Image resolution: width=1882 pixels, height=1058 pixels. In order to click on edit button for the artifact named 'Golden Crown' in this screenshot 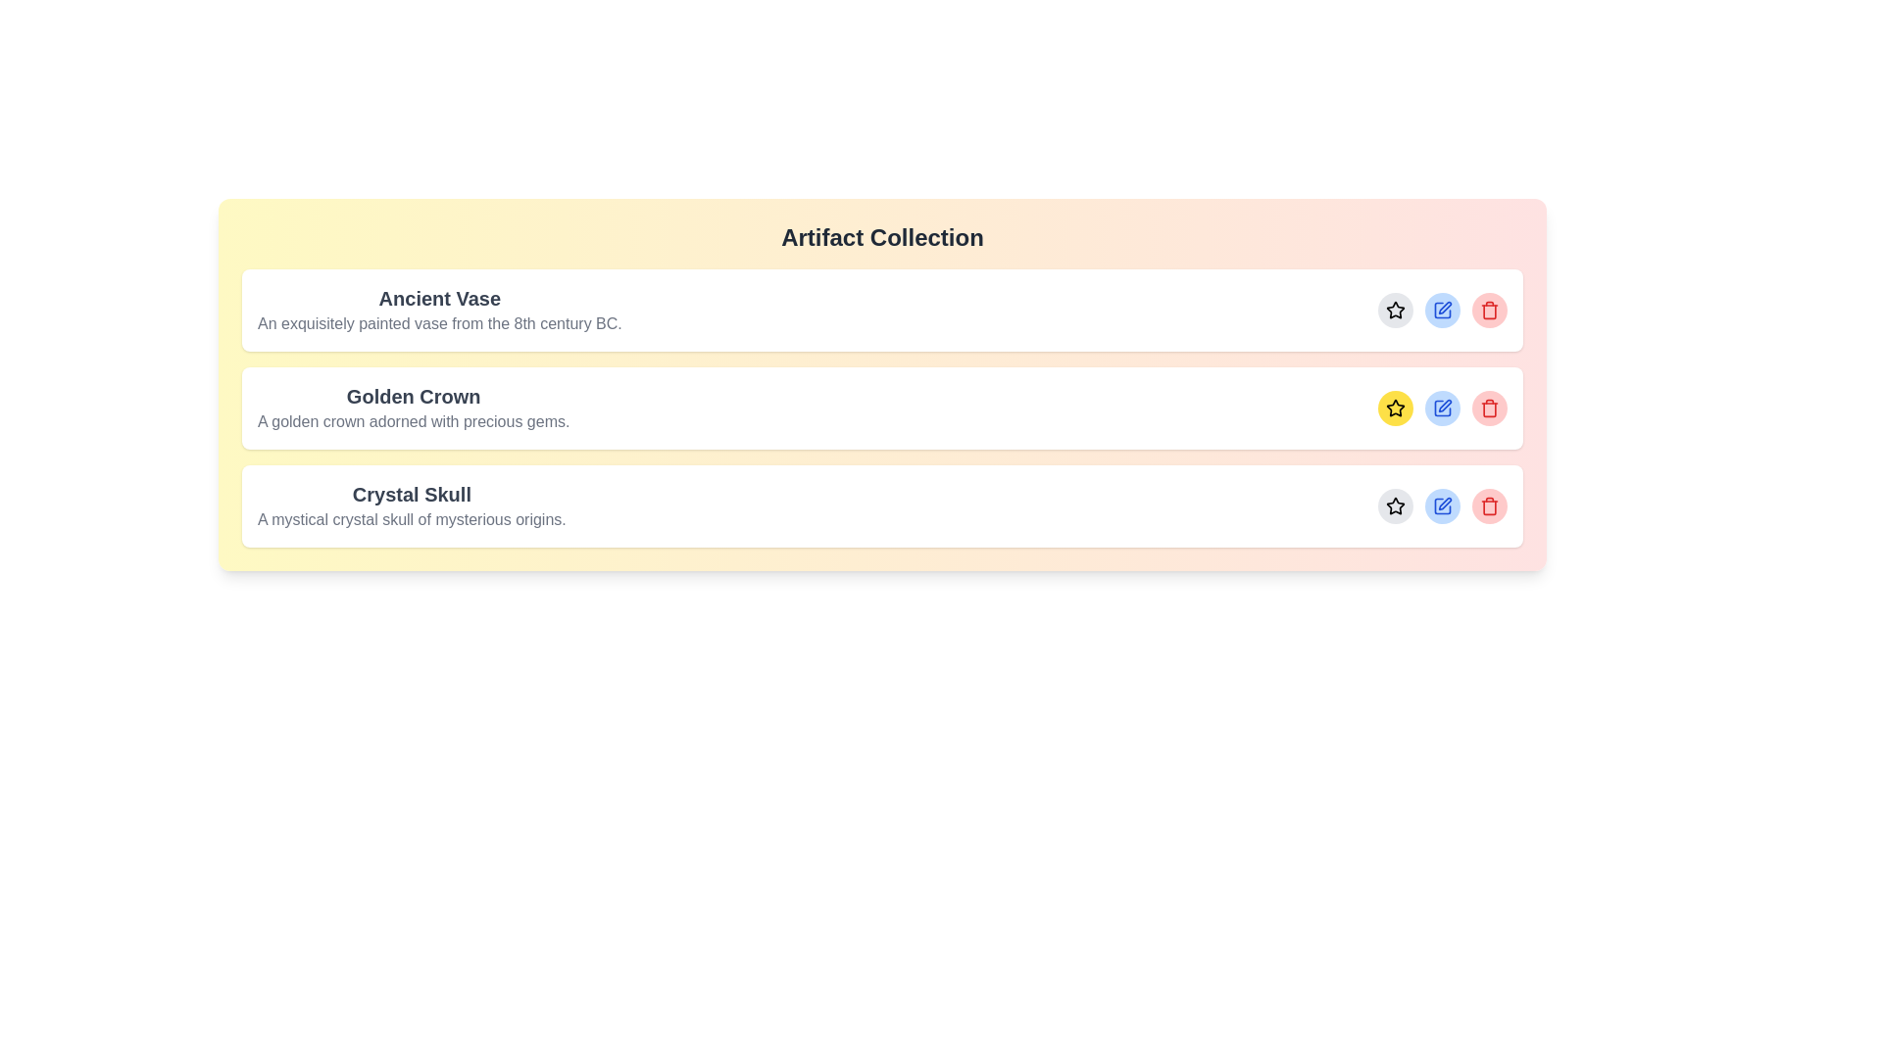, I will do `click(1443, 407)`.